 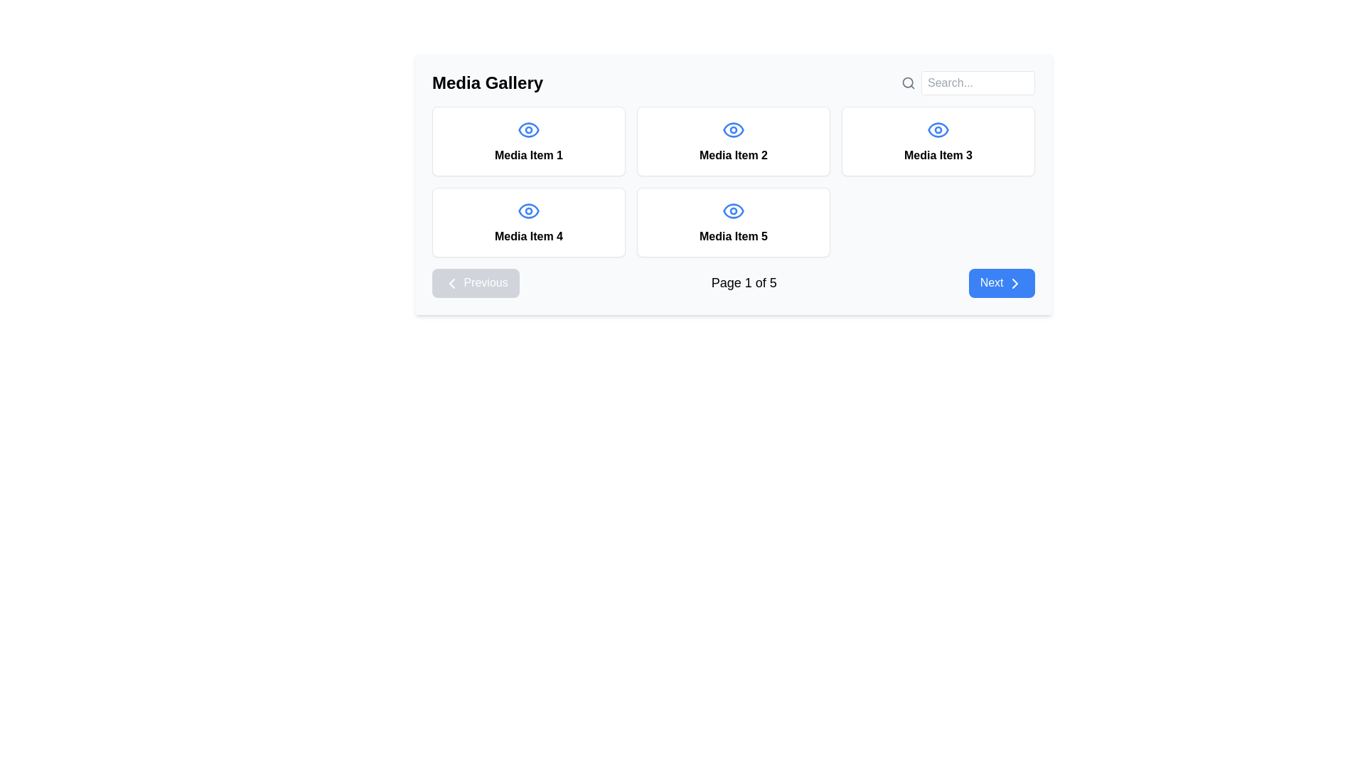 What do you see at coordinates (734, 142) in the screenshot?
I see `the second card in the grid layout` at bounding box center [734, 142].